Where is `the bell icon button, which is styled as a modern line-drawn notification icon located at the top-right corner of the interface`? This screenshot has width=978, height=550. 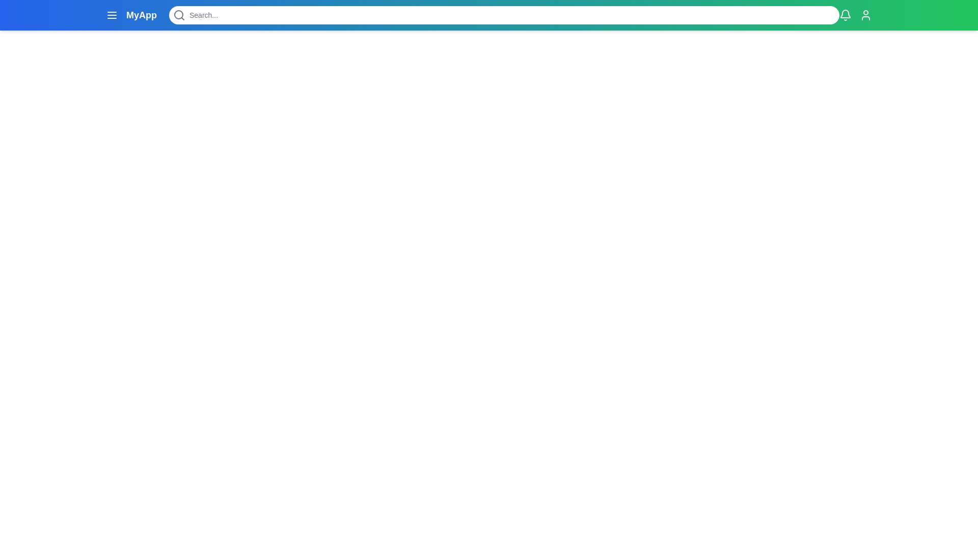
the bell icon button, which is styled as a modern line-drawn notification icon located at the top-right corner of the interface is located at coordinates (846, 15).